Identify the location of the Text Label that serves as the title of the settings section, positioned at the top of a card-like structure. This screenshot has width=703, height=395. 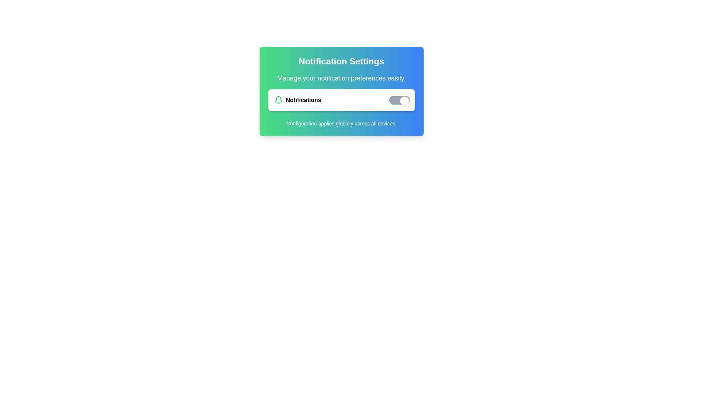
(341, 61).